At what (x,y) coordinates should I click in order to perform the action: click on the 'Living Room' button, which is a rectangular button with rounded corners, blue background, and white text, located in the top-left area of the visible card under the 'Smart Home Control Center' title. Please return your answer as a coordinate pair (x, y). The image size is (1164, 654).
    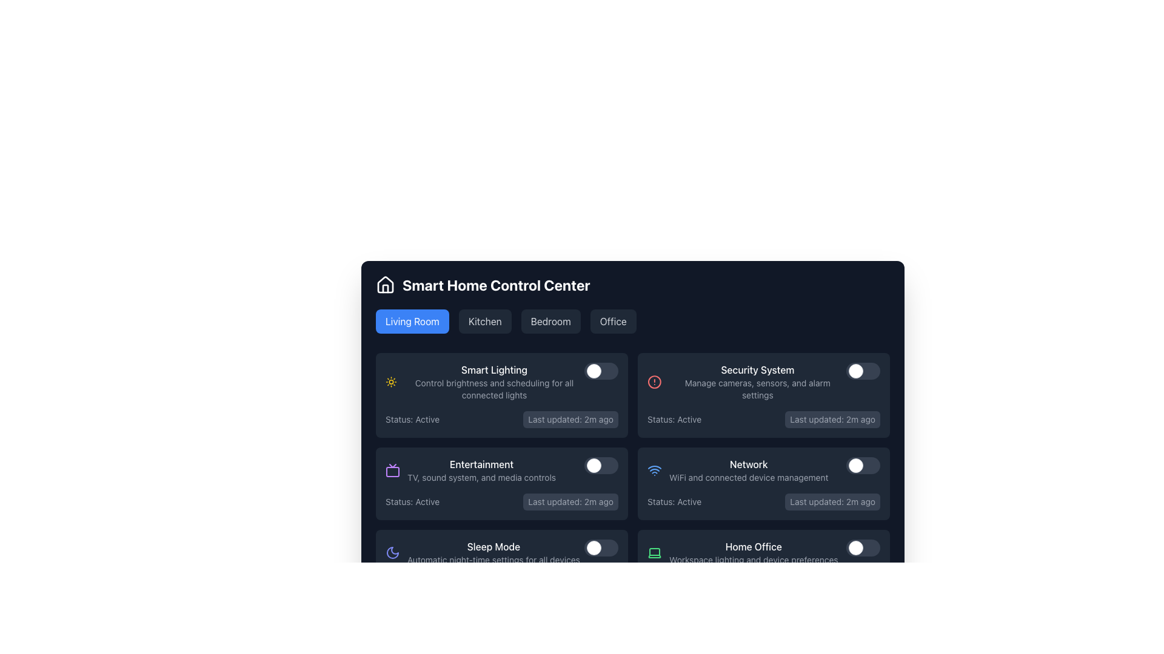
    Looking at the image, I should click on (412, 321).